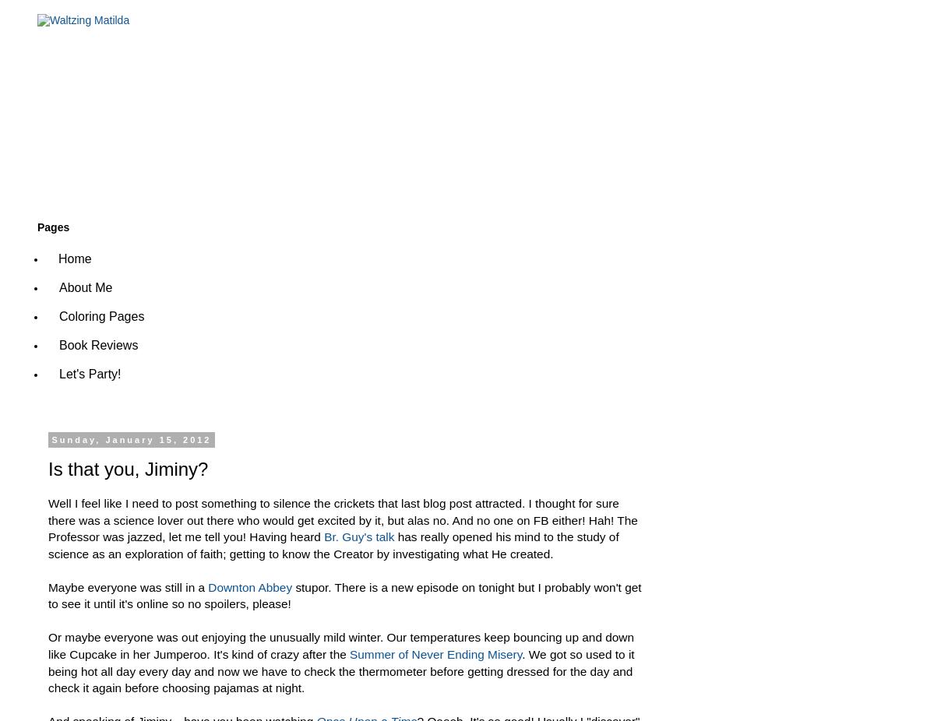 This screenshot has width=941, height=721. I want to click on '. We got so used to it being hot all day every day and now we have to check the thermometer before getting dressed for the day and check it again before choosing pajamas at night.', so click(340, 671).